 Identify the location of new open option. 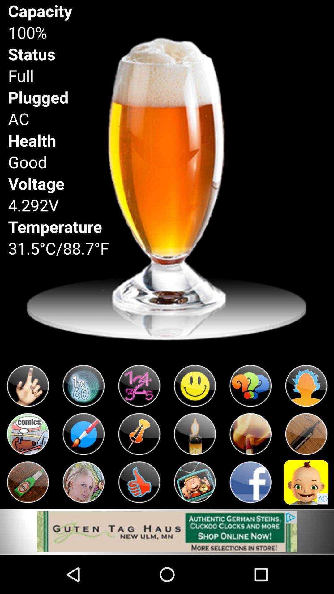
(27, 434).